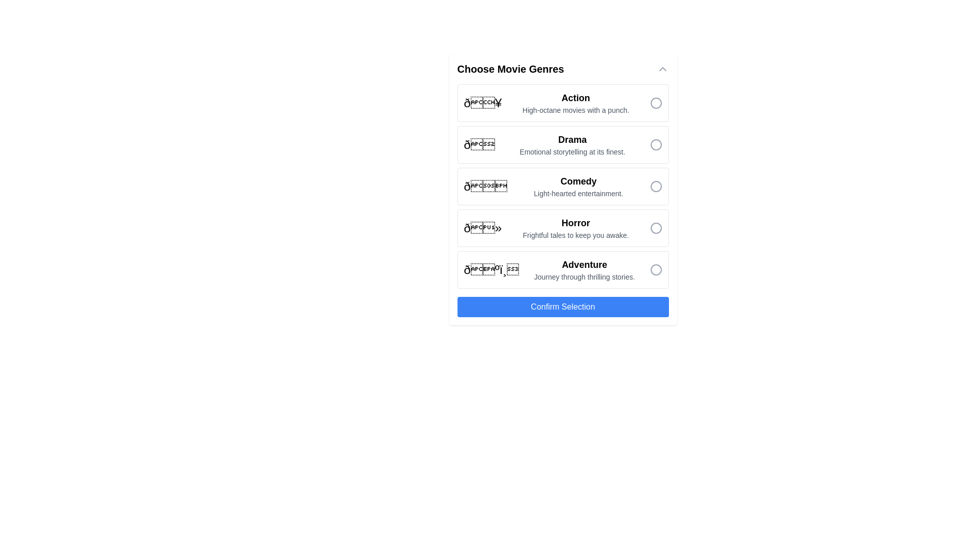  I want to click on the radio button, so click(656, 145).